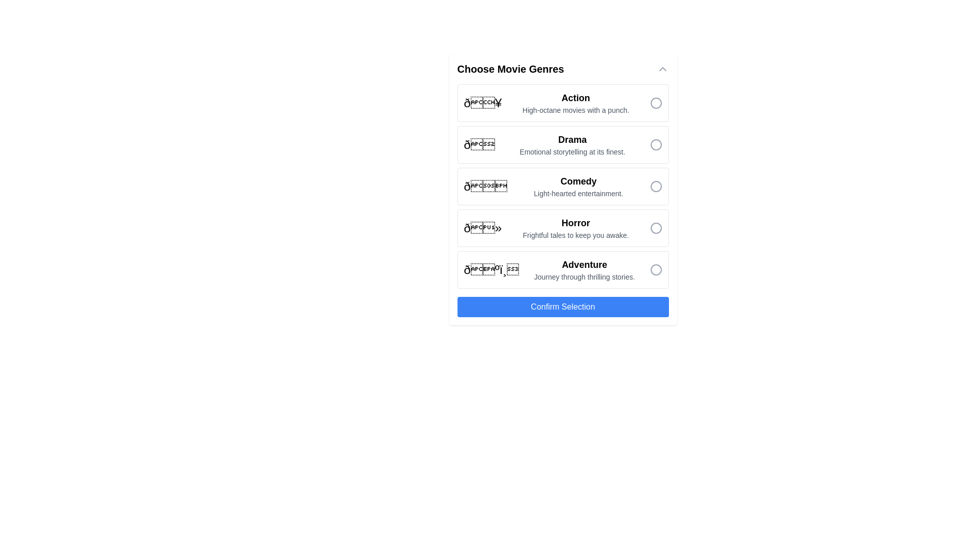  I want to click on the radio button, so click(656, 145).